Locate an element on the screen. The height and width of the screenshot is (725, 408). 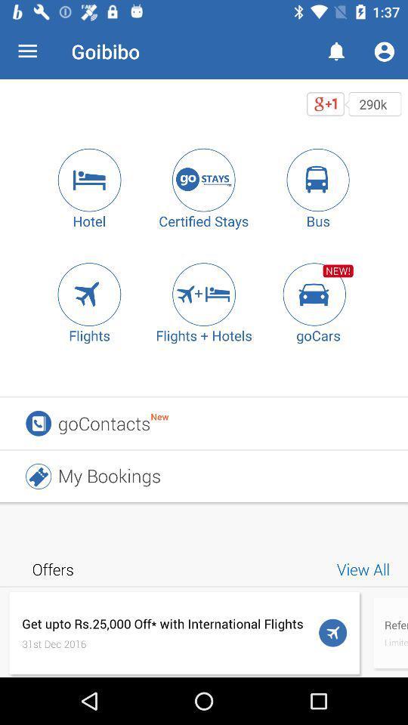
click on bus is located at coordinates (317, 180).